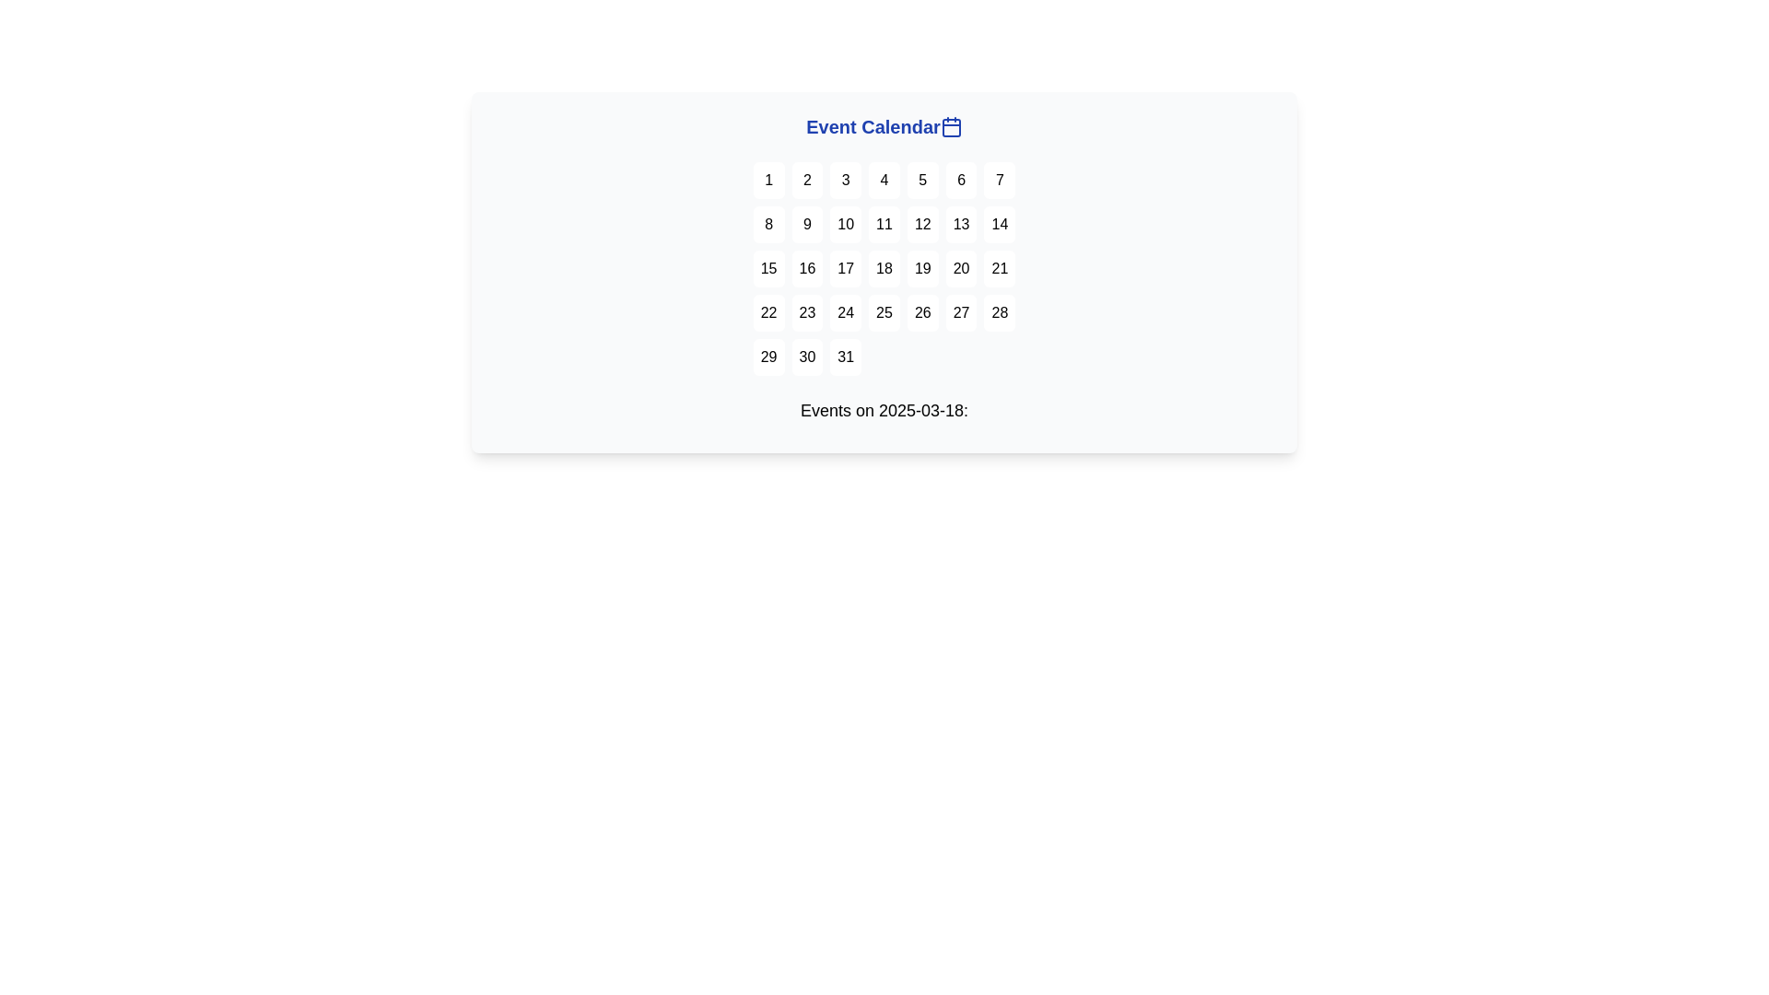  I want to click on the button labeled '28' which is styled with rounded corners and a white background, located in the 4th row and 7th column of the calendar grid, so click(999, 311).